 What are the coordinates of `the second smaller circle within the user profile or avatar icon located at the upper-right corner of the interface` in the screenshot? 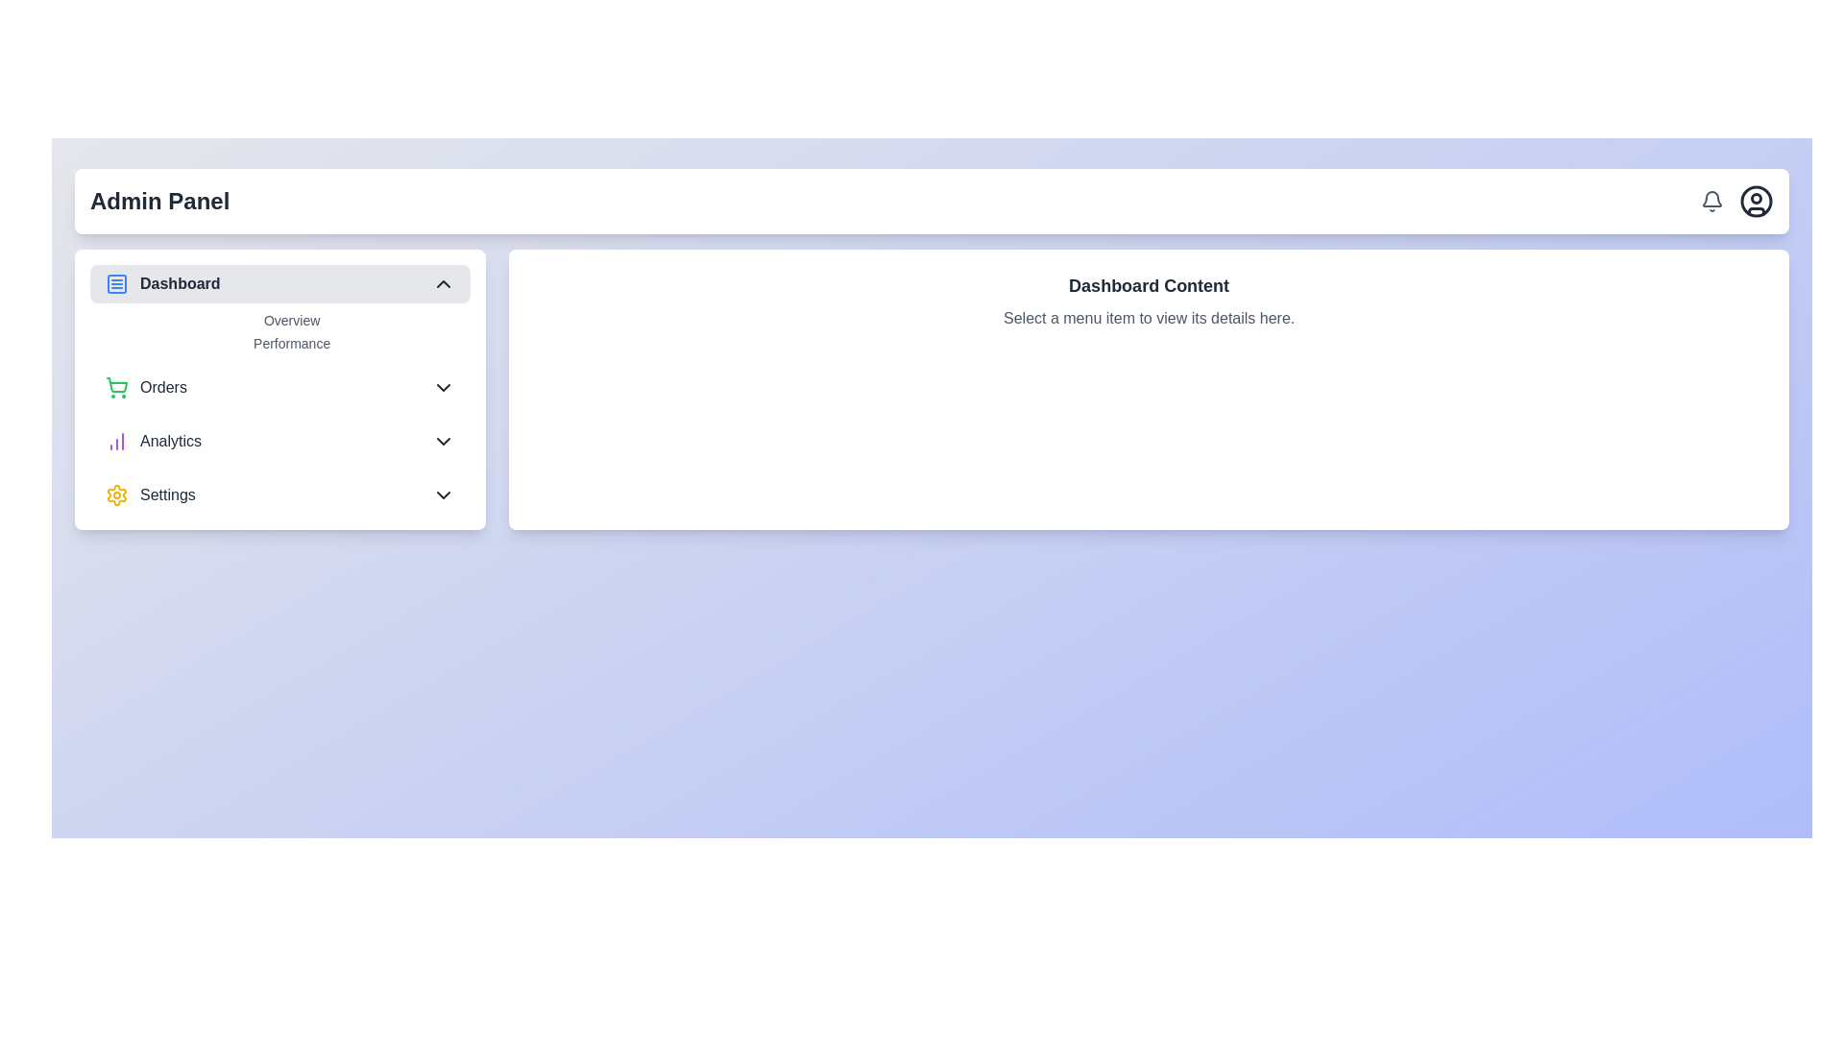 It's located at (1756, 199).